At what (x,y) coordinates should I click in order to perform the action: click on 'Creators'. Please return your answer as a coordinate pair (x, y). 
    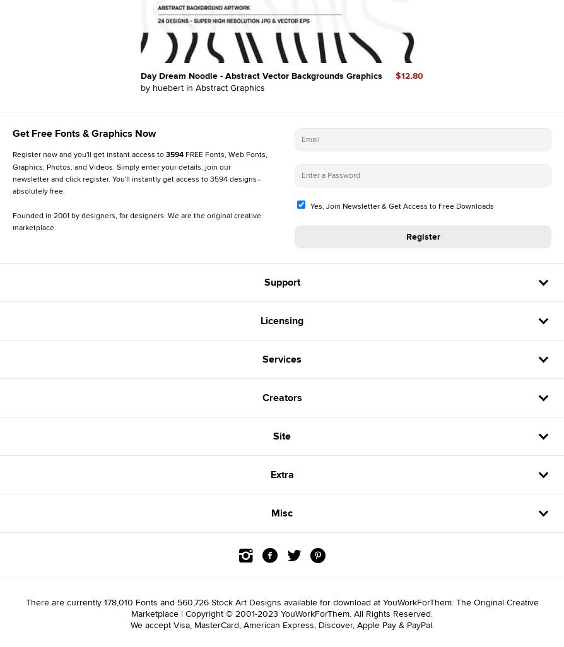
    Looking at the image, I should click on (281, 397).